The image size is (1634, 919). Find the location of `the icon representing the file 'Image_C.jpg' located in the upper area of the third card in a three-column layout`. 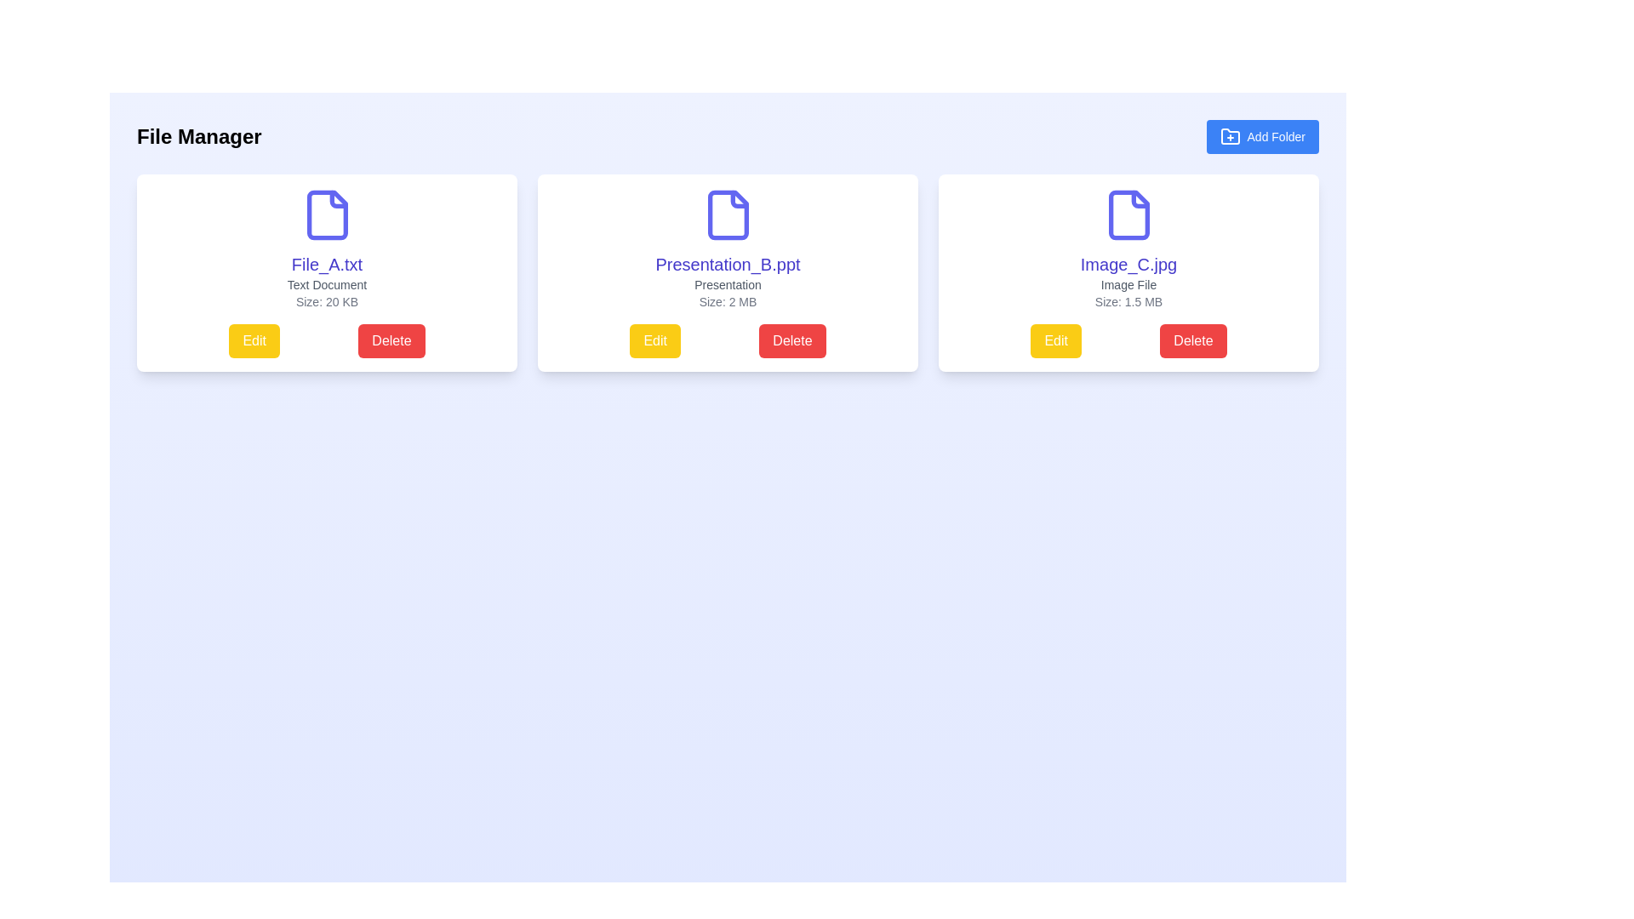

the icon representing the file 'Image_C.jpg' located in the upper area of the third card in a three-column layout is located at coordinates (1128, 214).